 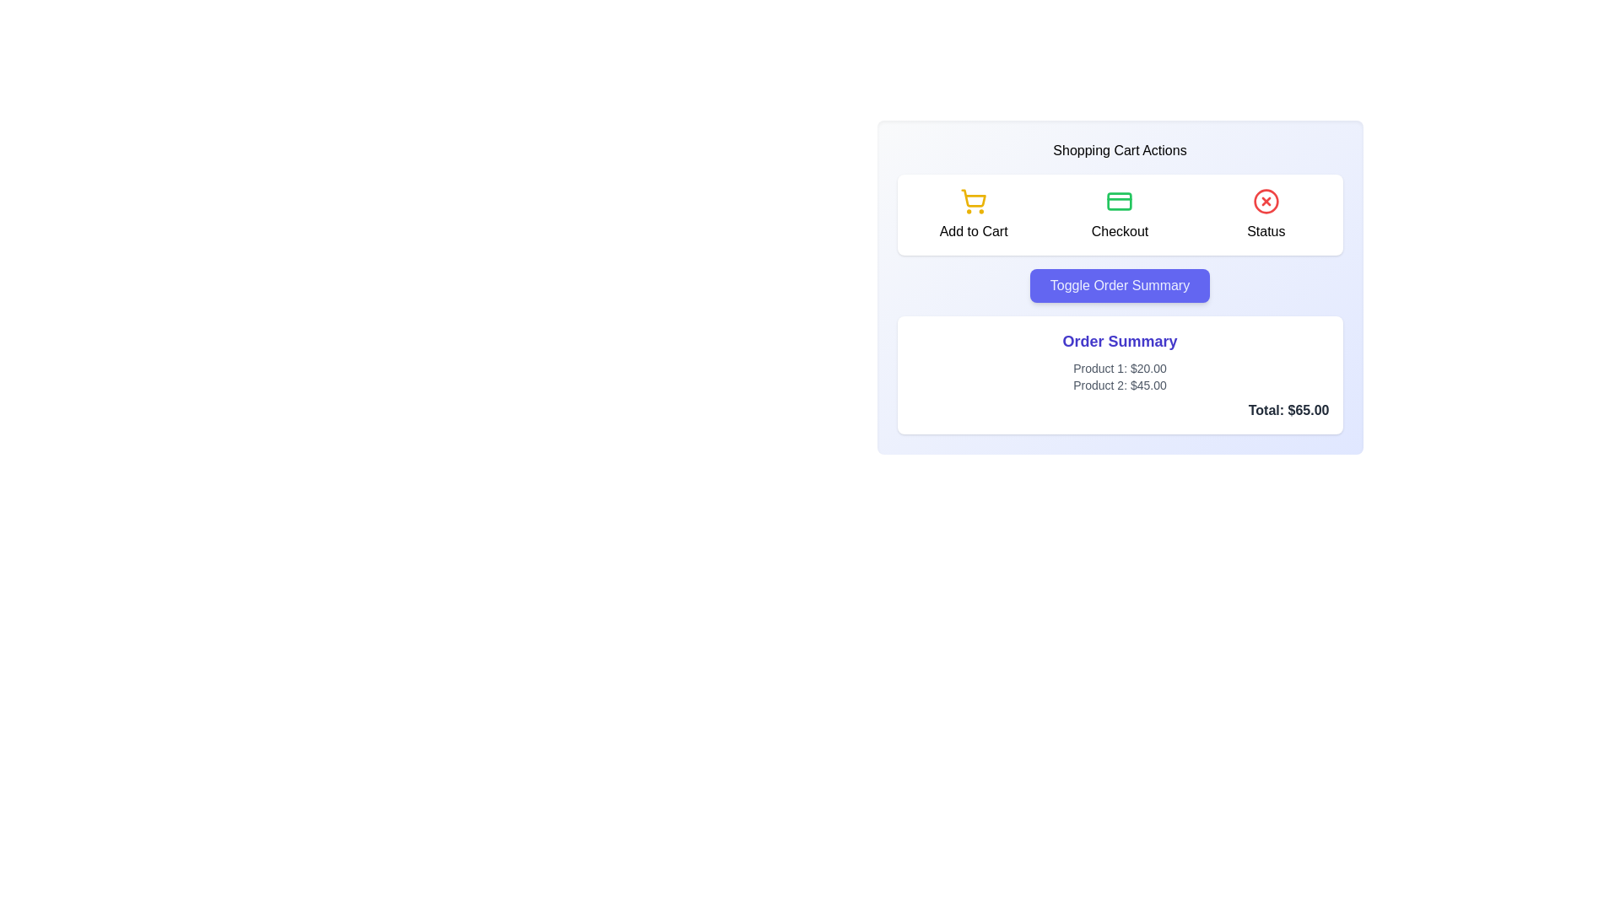 What do you see at coordinates (974, 201) in the screenshot?
I see `the 'Add to Cart' icon located in the top-left portion of the 'Shopping Cart Actions' section, which visually represents the action of adding products to the shopping cart` at bounding box center [974, 201].